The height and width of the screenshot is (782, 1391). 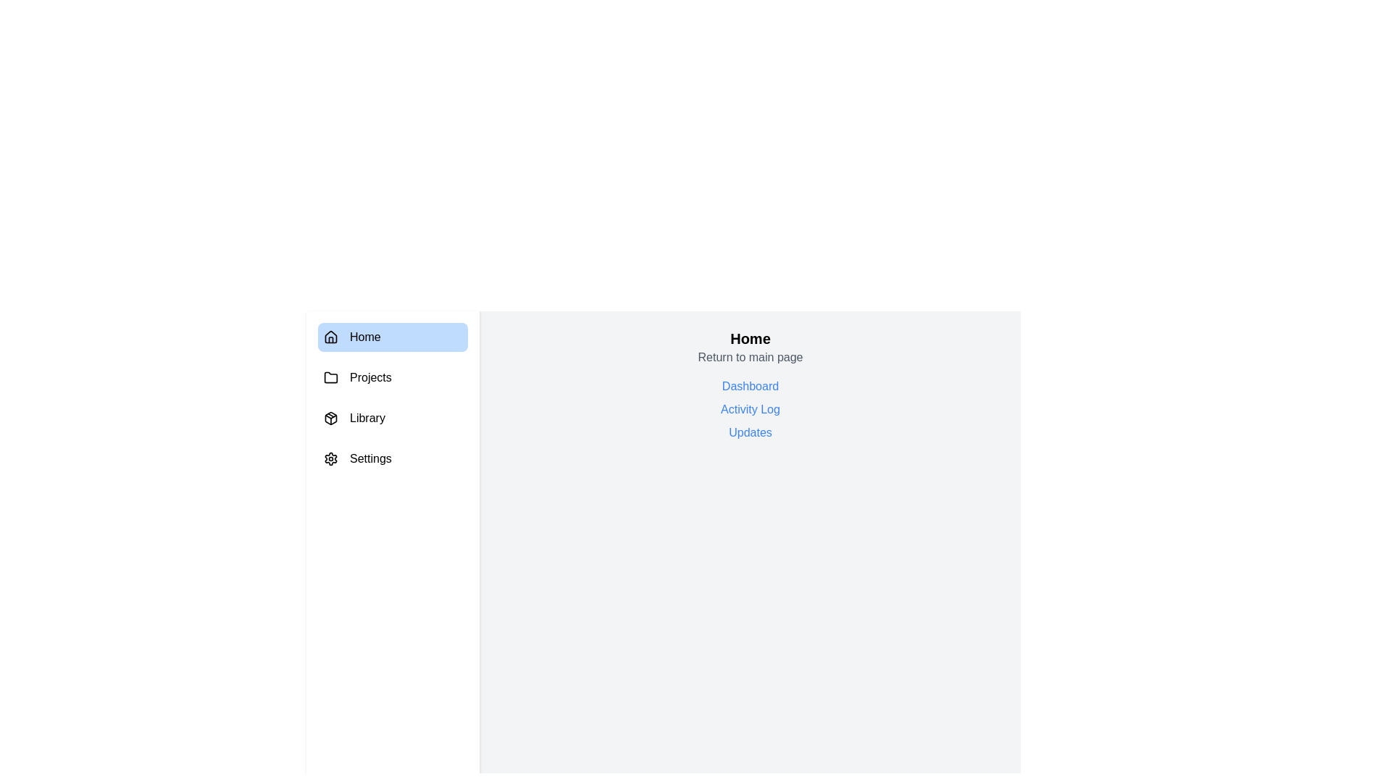 I want to click on the 'Settings' navigation link, which is the fourth item in the vertically stacked menu, so click(x=393, y=458).